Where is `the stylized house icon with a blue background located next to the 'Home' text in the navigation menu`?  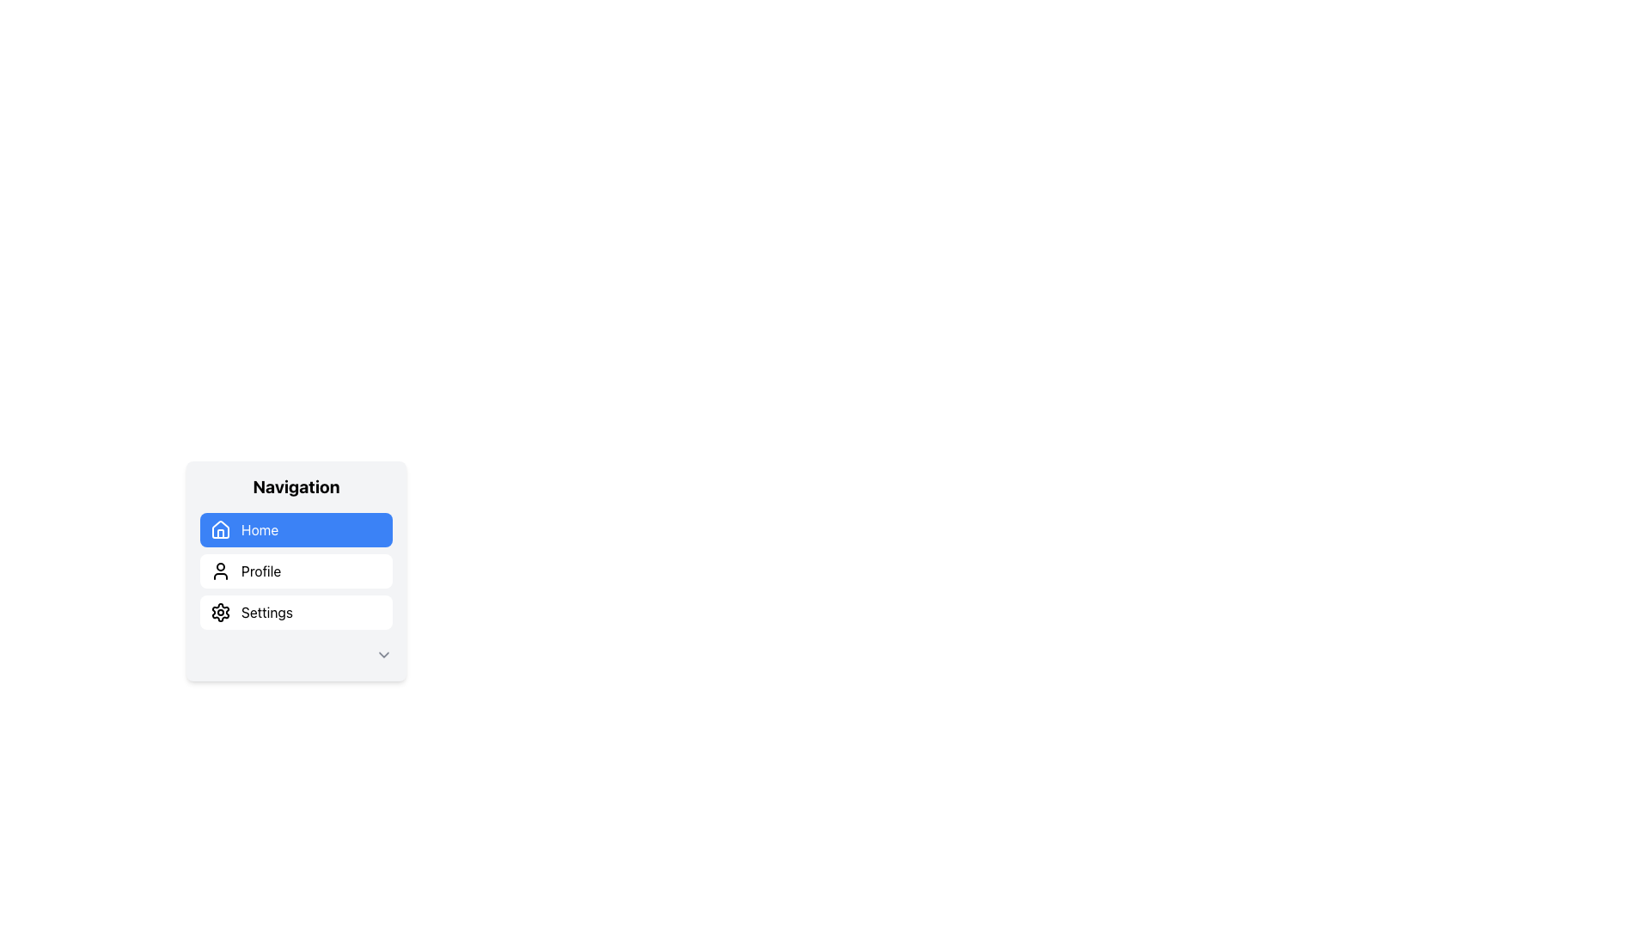 the stylized house icon with a blue background located next to the 'Home' text in the navigation menu is located at coordinates (220, 529).